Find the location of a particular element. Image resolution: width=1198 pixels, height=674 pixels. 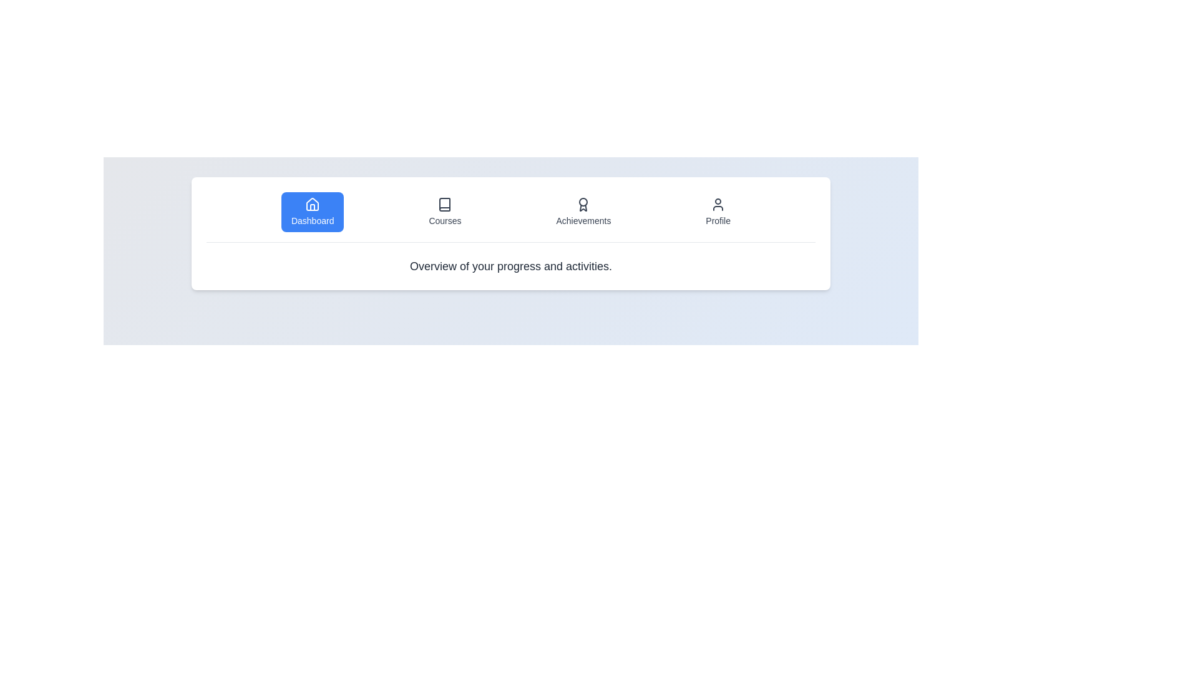

the icon resembling a book or document located in the second position from the left in the top navigation menu, directly under the 'Courses' label is located at coordinates (445, 203).